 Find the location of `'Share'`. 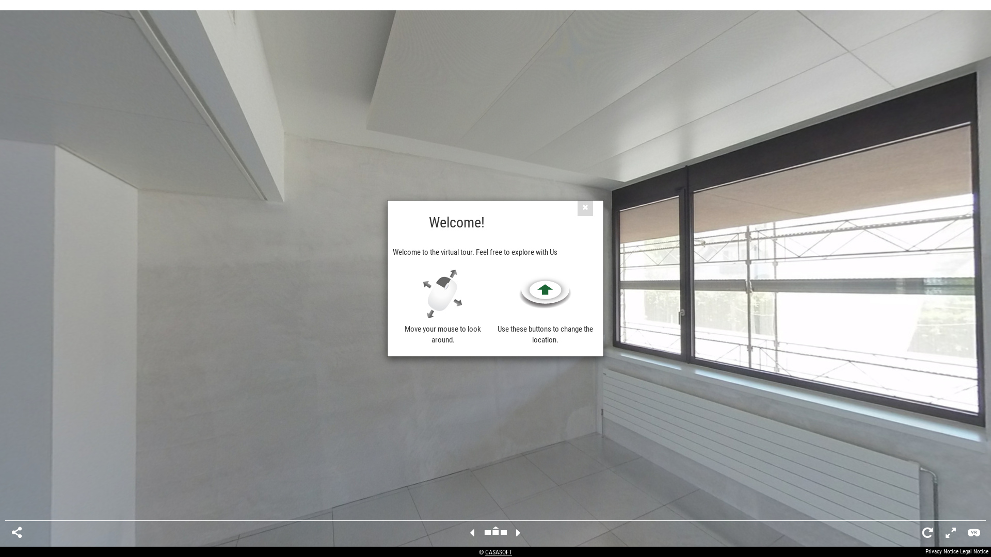

'Share' is located at coordinates (17, 533).